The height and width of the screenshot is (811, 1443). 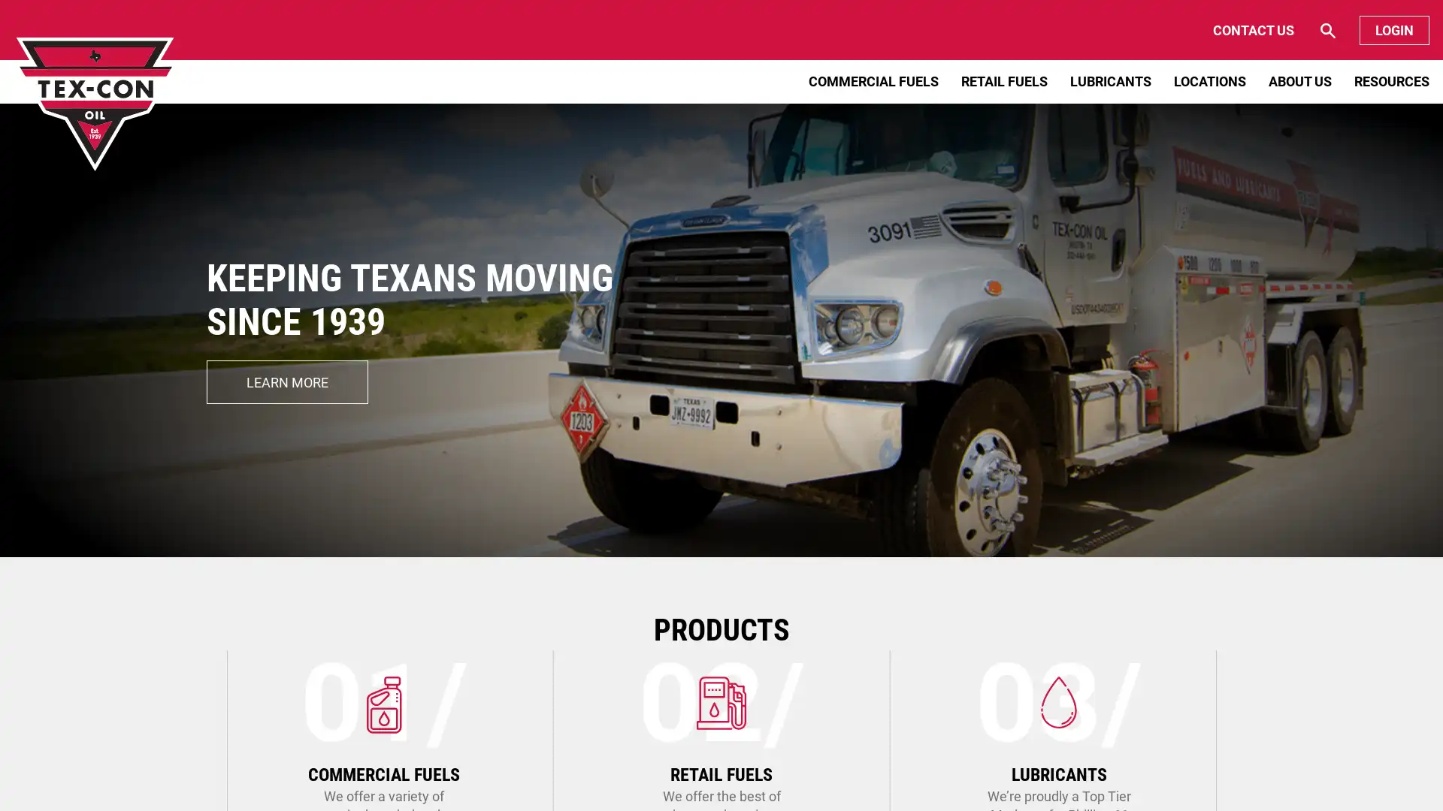 What do you see at coordinates (1268, 30) in the screenshot?
I see `Search Button` at bounding box center [1268, 30].